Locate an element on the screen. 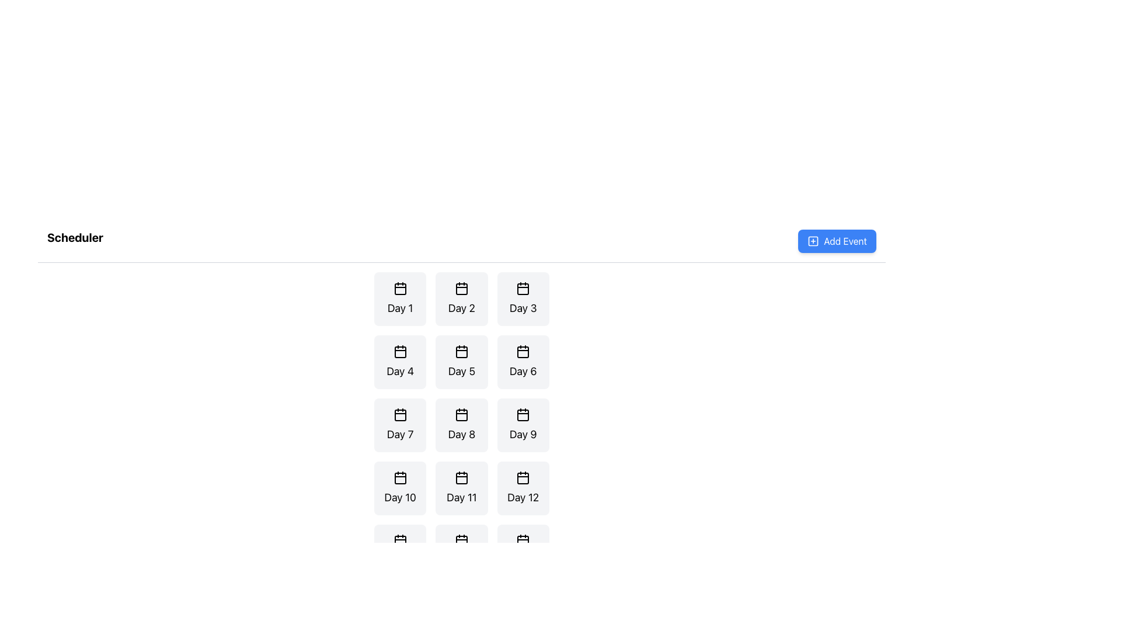  the calendar entry icon labeled 'Day 1' in the scheduler is located at coordinates (400, 289).